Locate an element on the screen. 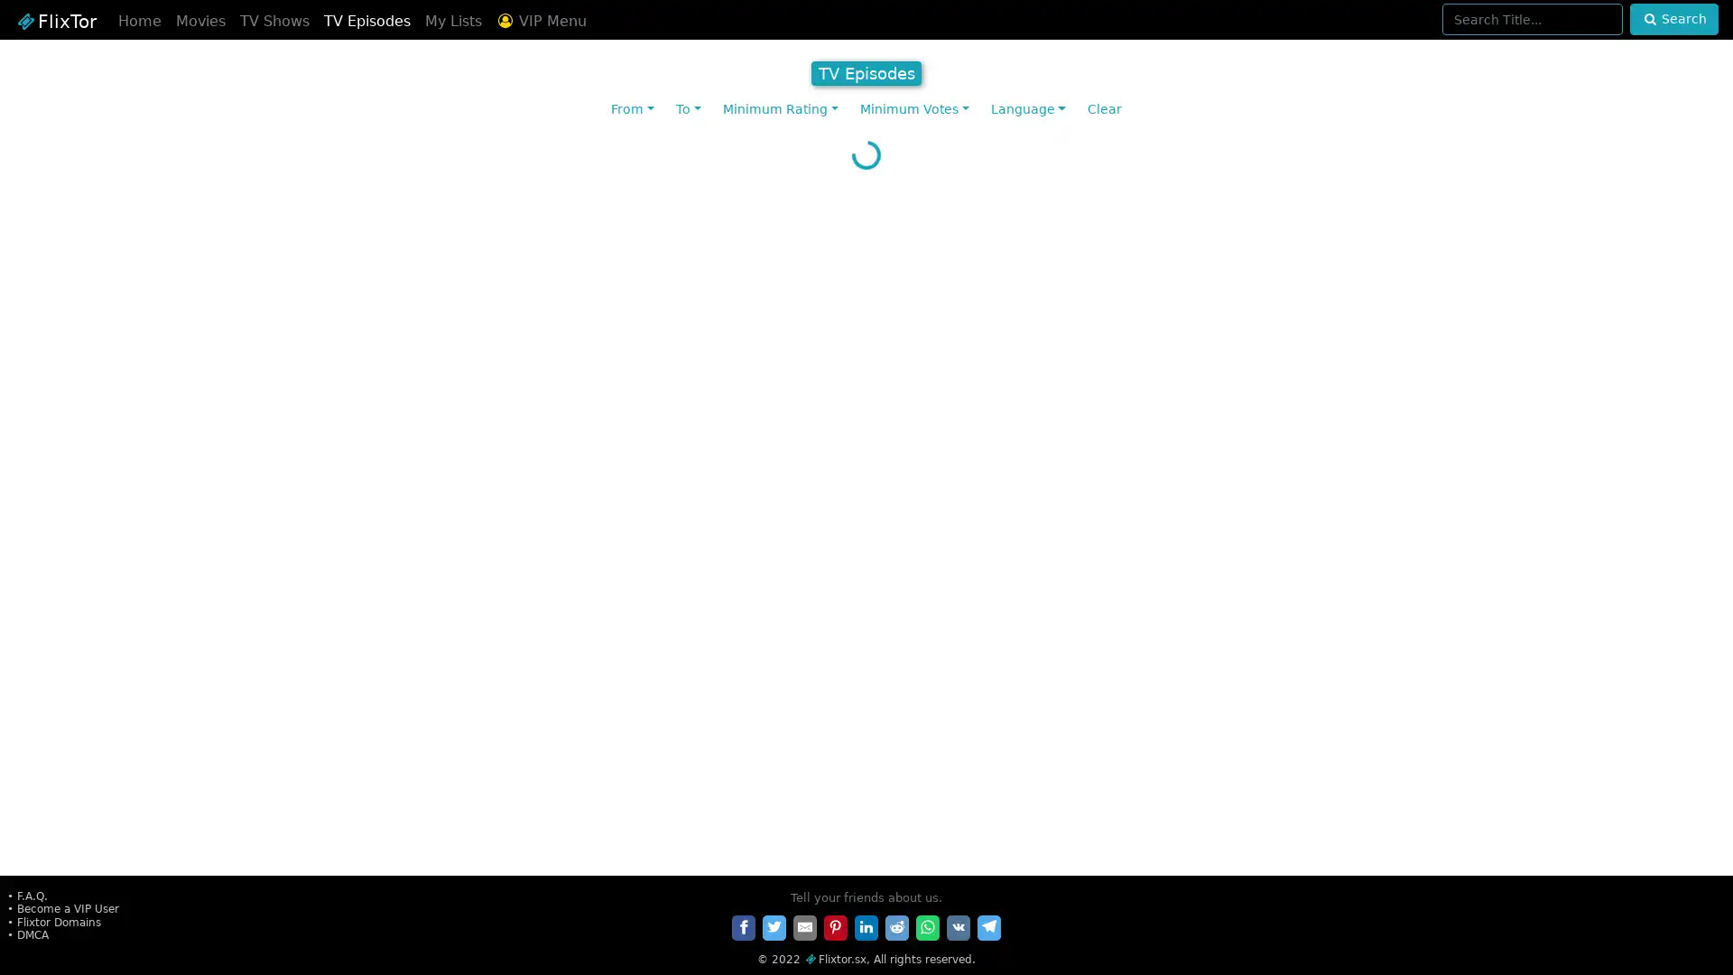 Image resolution: width=1733 pixels, height=975 pixels. Watch Now is located at coordinates (143, 623).